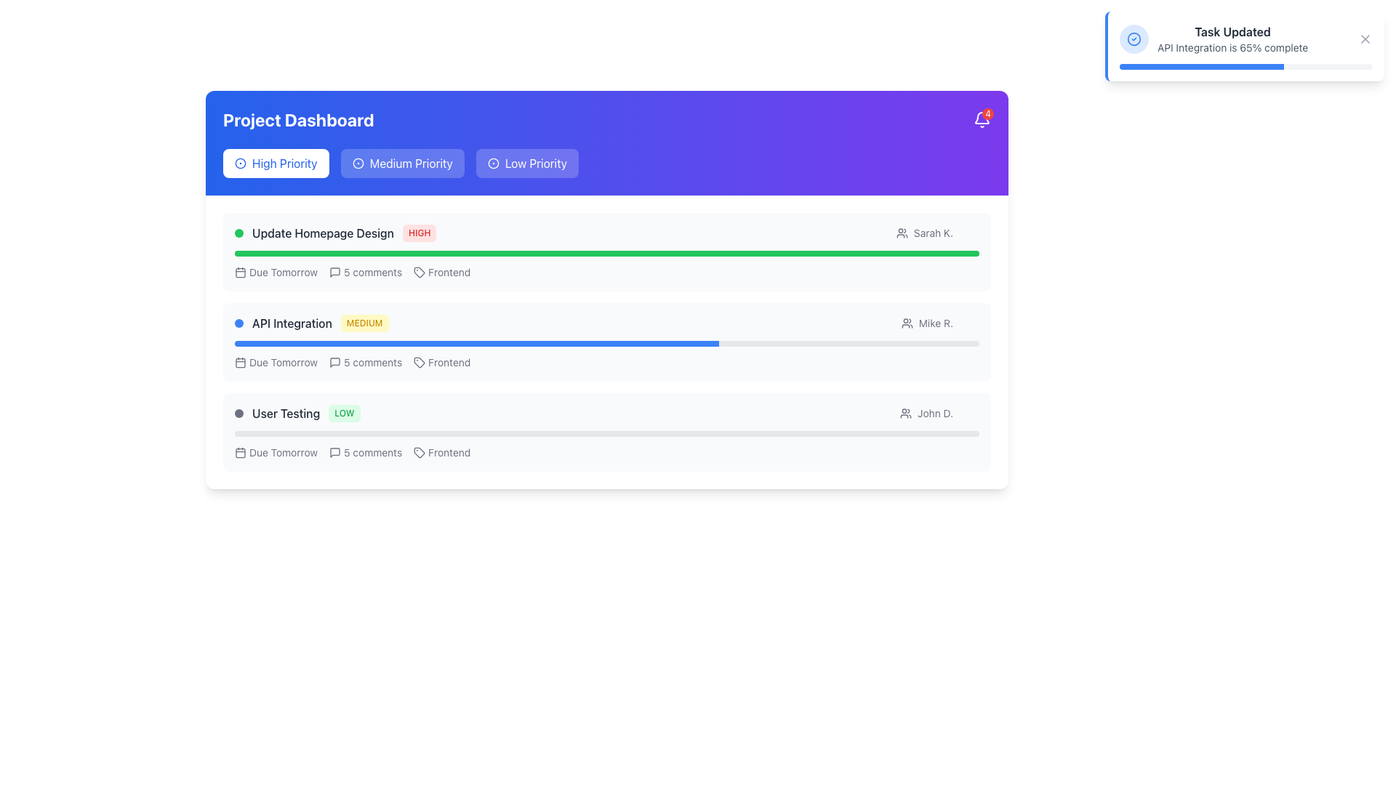 The width and height of the screenshot is (1396, 785). What do you see at coordinates (310, 322) in the screenshot?
I see `the blue circular indicator of the 'API Integration' task` at bounding box center [310, 322].